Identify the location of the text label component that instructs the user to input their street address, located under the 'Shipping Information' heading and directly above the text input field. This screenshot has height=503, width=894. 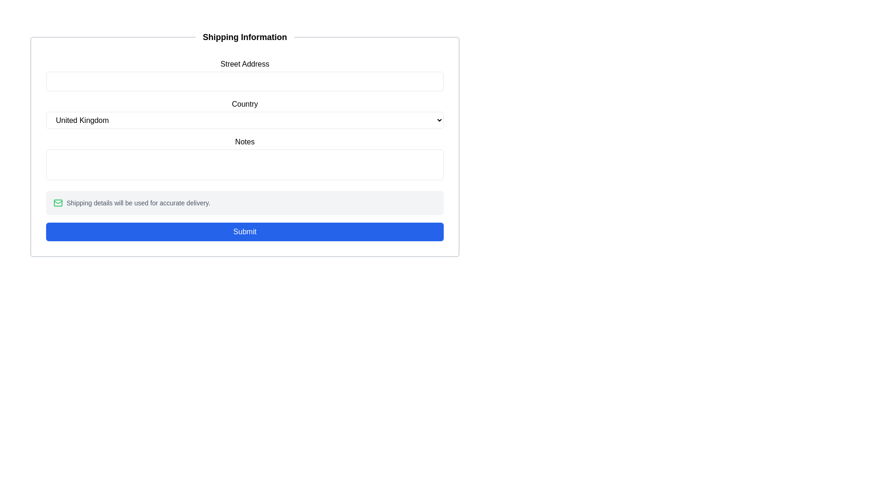
(245, 64).